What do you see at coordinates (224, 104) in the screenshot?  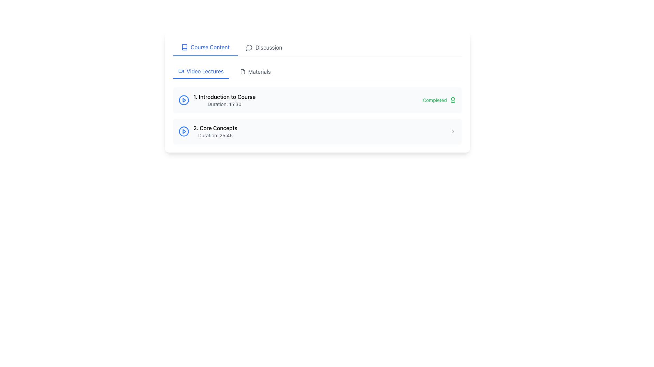 I see `the static text display that shows the duration of the course session, located directly beneath the course title '1. Introduction to Course'` at bounding box center [224, 104].